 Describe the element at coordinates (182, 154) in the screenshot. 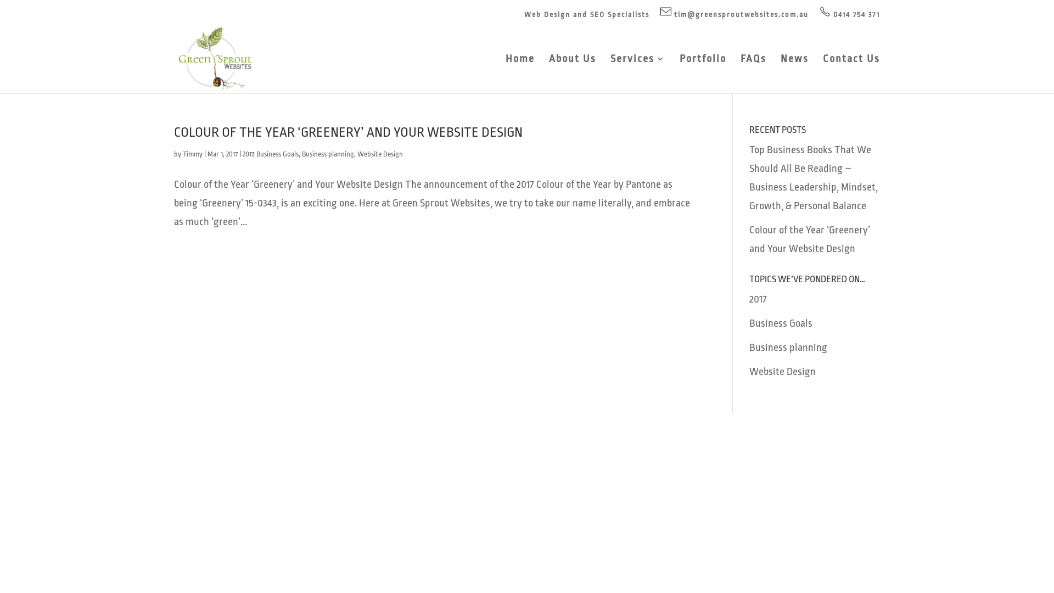

I see `'Timmy'` at that location.